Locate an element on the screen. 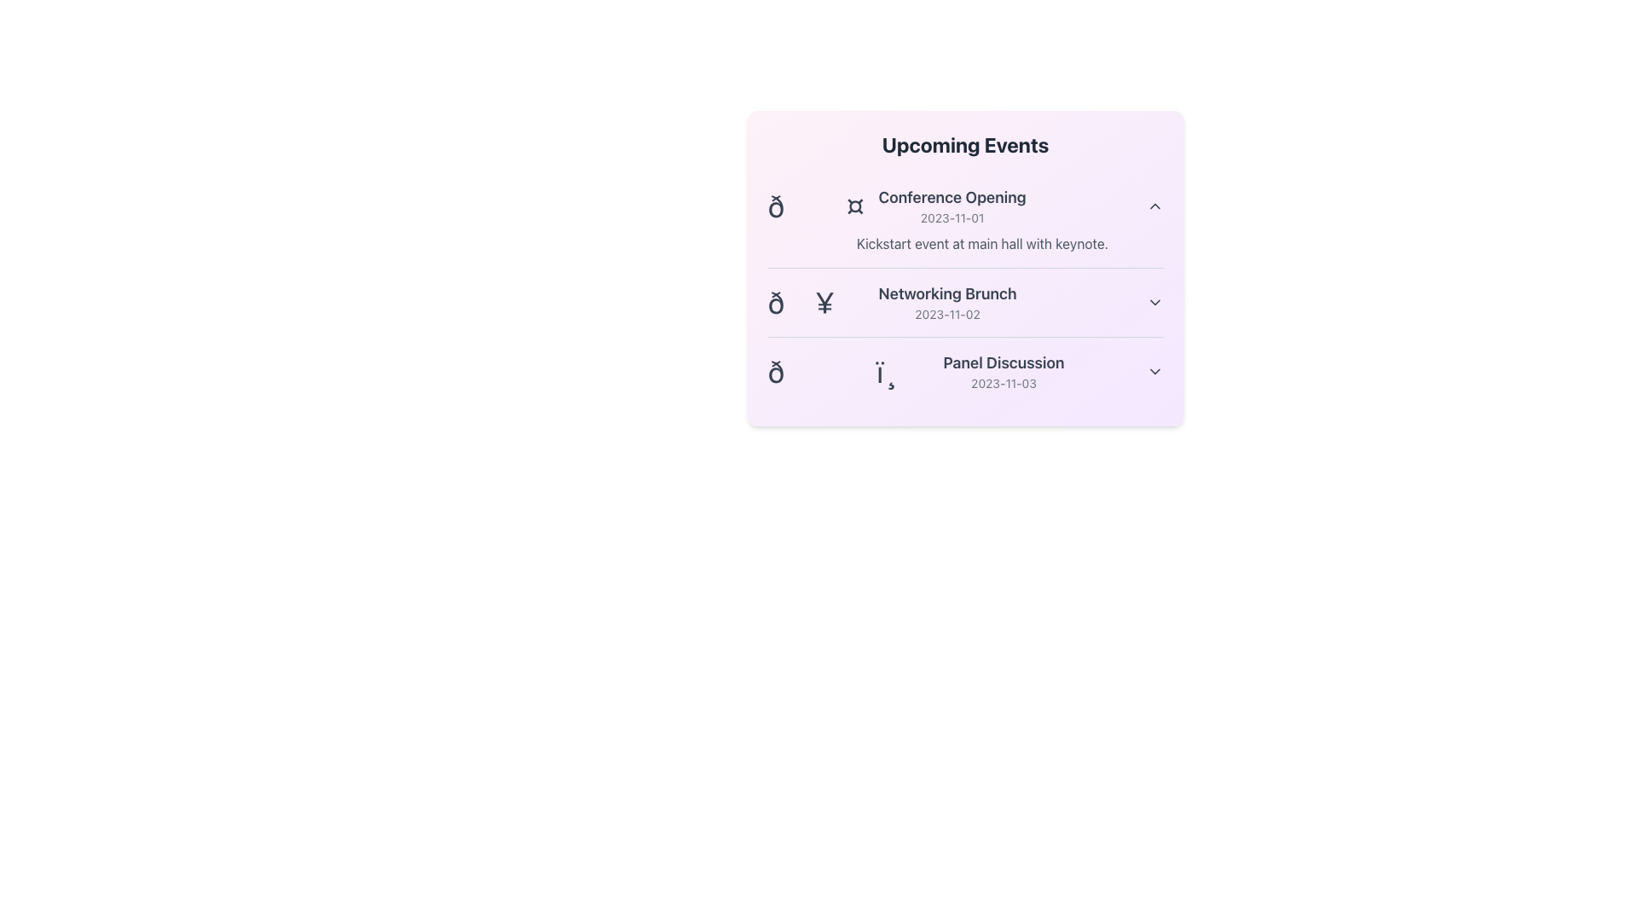 The height and width of the screenshot is (921, 1637). the third list item in the events list, which represents the 'Panel Discussion' scheduled for 2023-11-03 is located at coordinates (915, 370).